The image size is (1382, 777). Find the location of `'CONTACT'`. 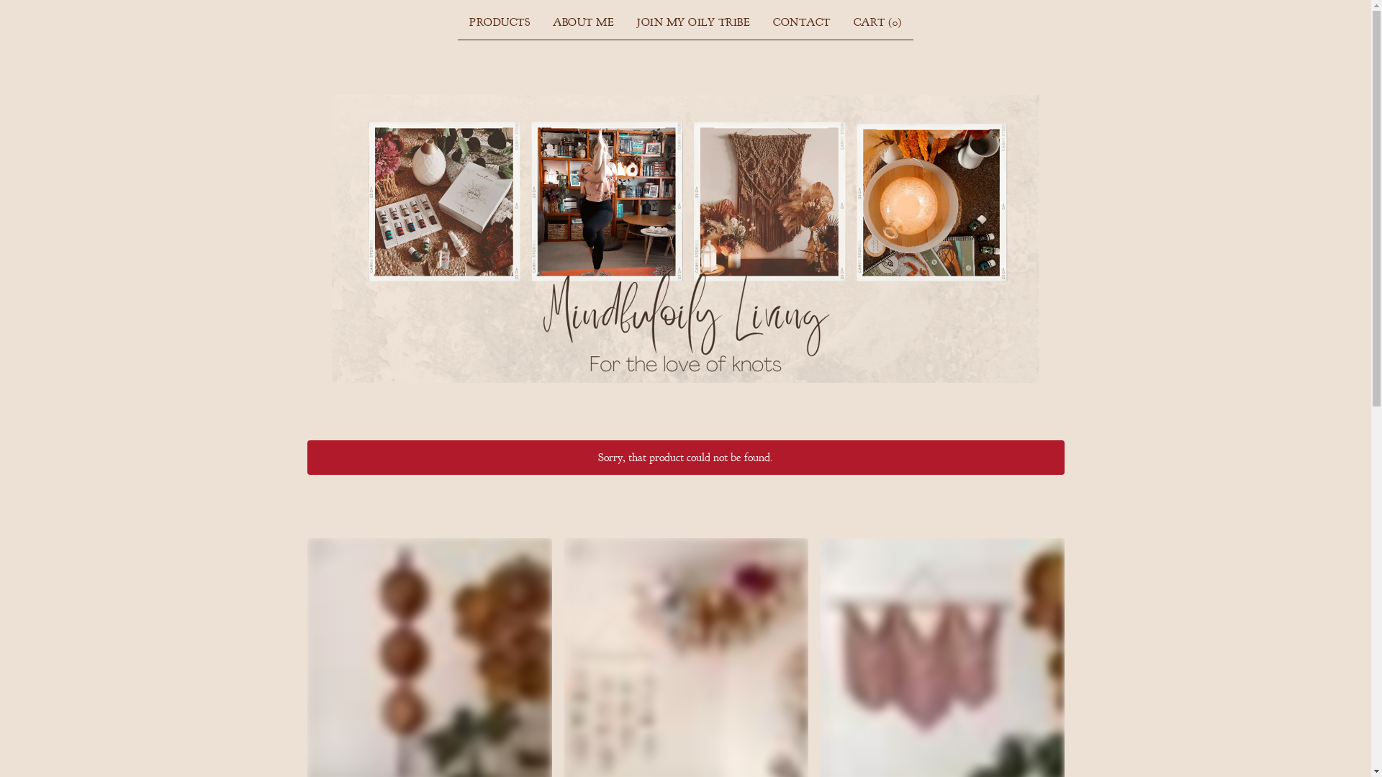

'CONTACT' is located at coordinates (766, 22).